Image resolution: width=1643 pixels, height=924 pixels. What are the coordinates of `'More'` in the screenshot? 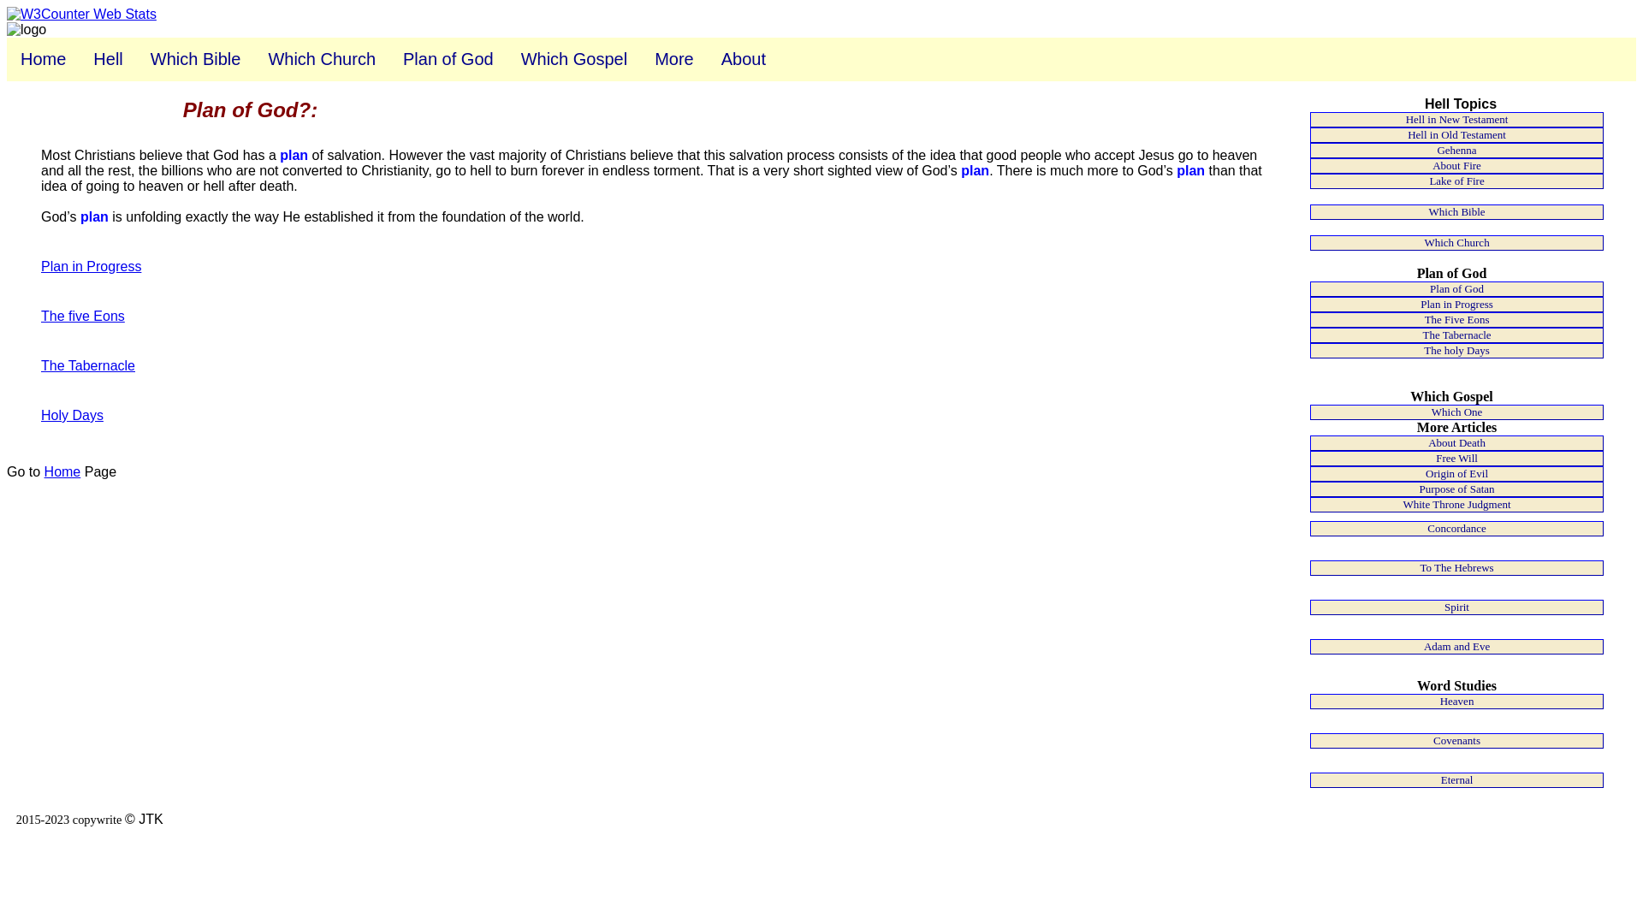 It's located at (673, 58).